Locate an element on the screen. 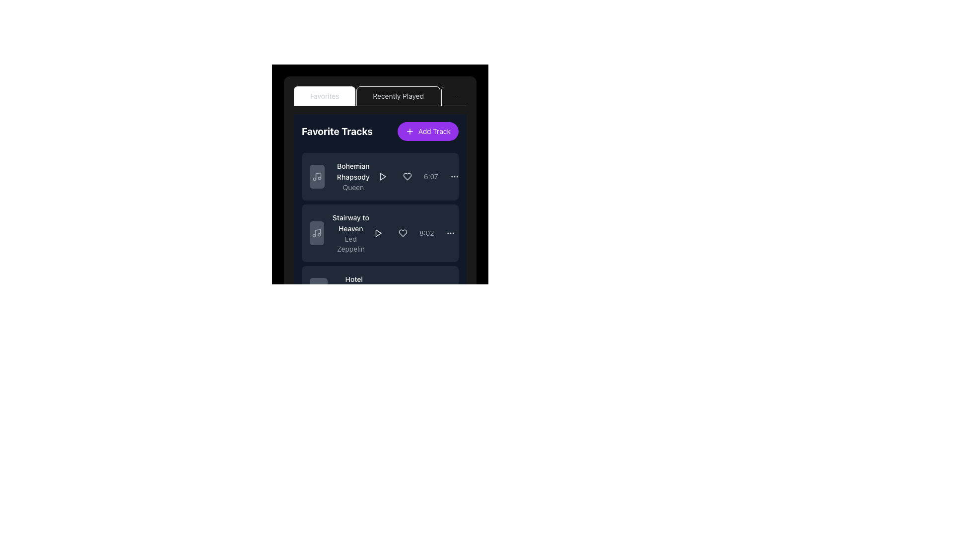 The image size is (953, 536). the 'Recently Played' Navigation Tab, which has a black background and white text is located at coordinates (368, 96).